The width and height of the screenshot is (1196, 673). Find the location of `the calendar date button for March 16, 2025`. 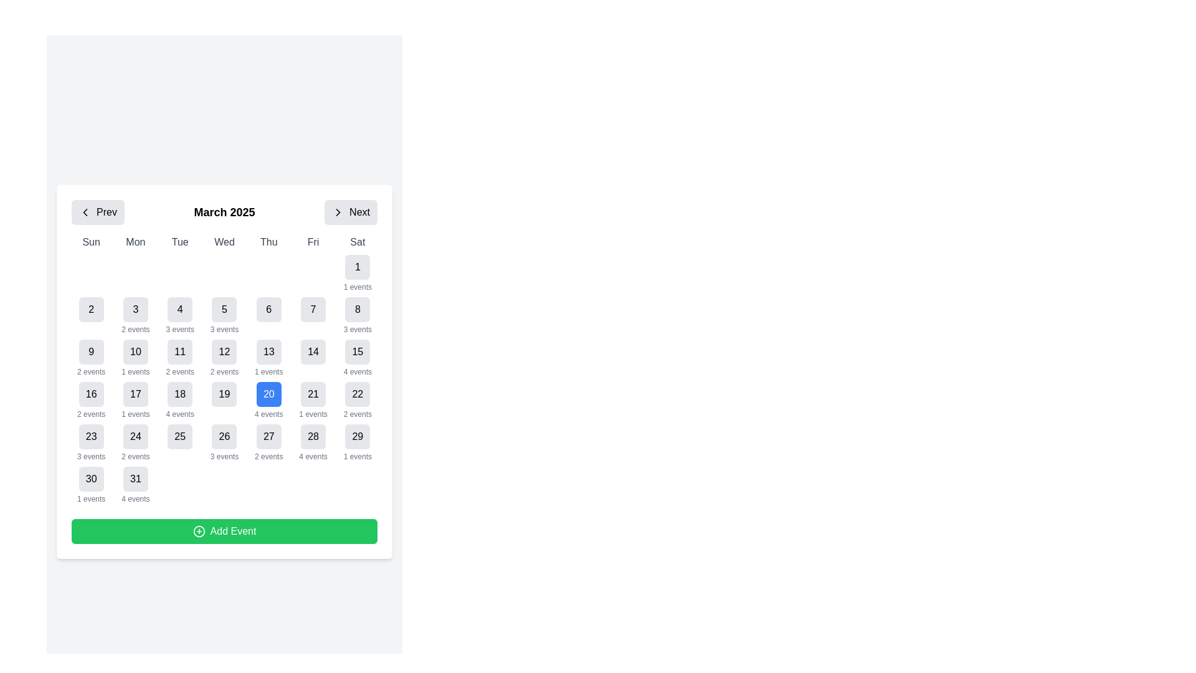

the calendar date button for March 16, 2025 is located at coordinates (90, 394).